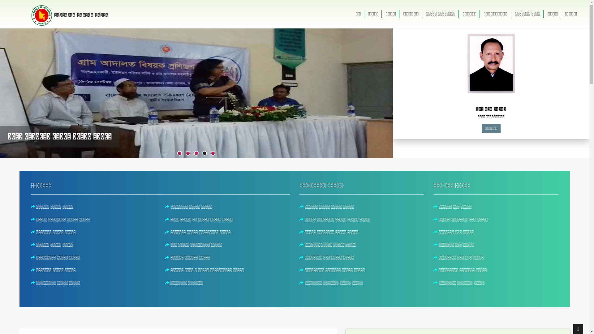 Image resolution: width=594 pixels, height=334 pixels. I want to click on '3', so click(194, 153).